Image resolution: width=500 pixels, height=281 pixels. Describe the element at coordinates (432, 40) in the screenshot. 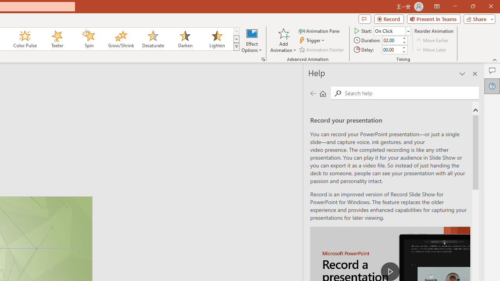

I see `'Move Earlier'` at that location.